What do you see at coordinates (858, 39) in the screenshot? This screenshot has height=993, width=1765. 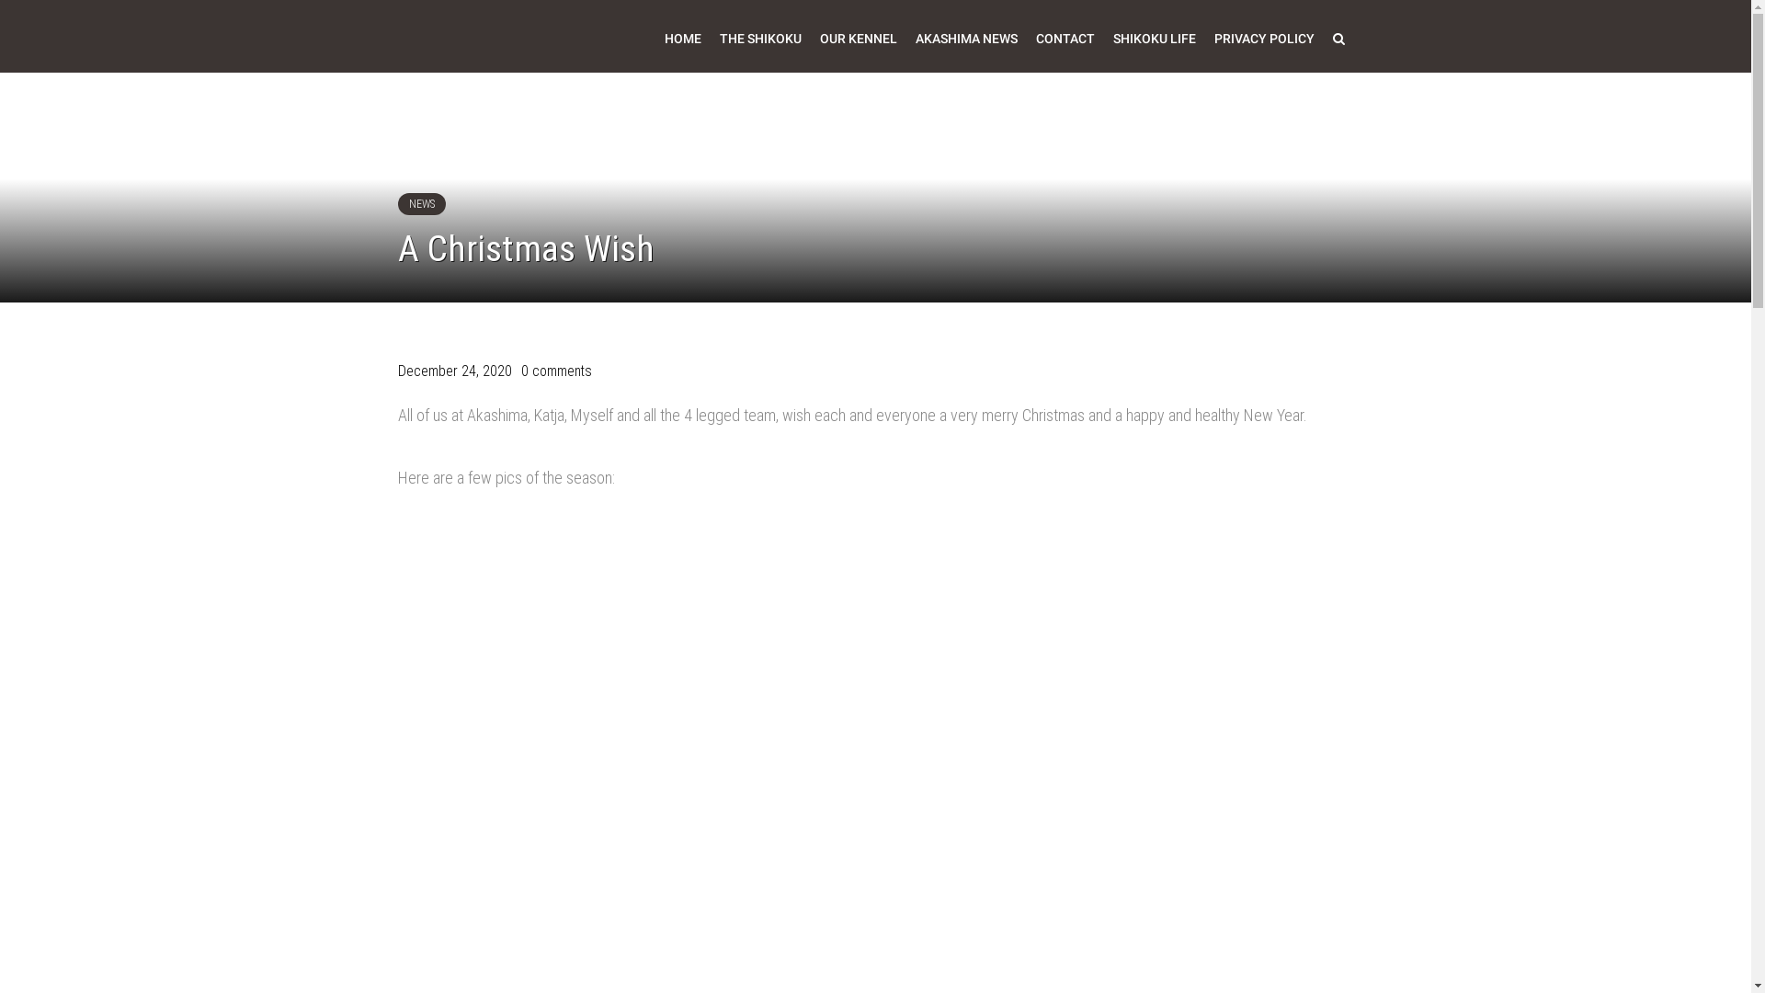 I see `'OUR KENNEL'` at bounding box center [858, 39].